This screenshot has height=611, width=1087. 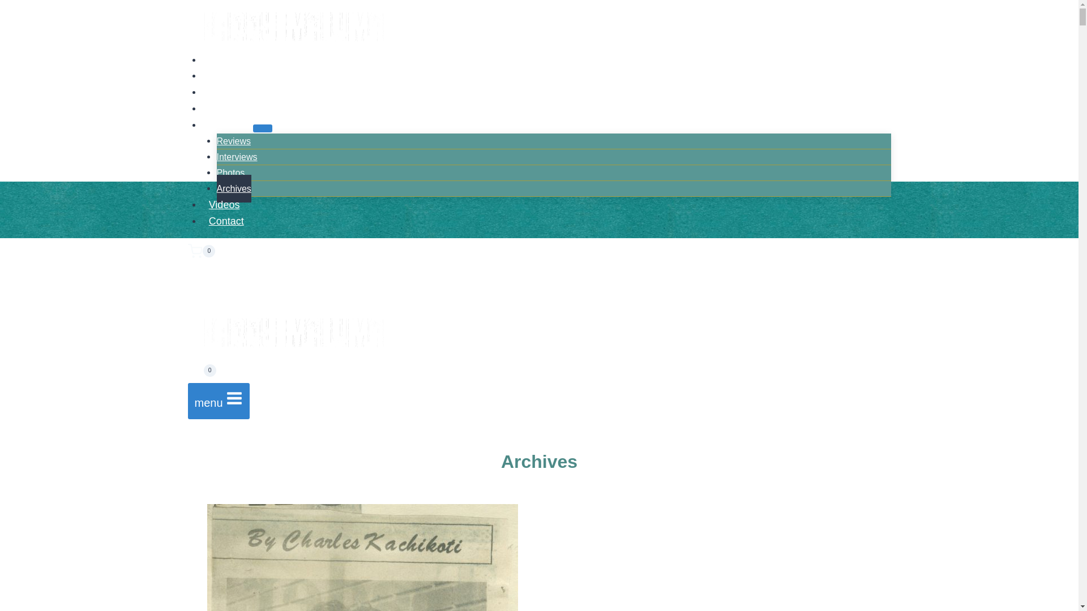 What do you see at coordinates (233, 188) in the screenshot?
I see `'Archives'` at bounding box center [233, 188].